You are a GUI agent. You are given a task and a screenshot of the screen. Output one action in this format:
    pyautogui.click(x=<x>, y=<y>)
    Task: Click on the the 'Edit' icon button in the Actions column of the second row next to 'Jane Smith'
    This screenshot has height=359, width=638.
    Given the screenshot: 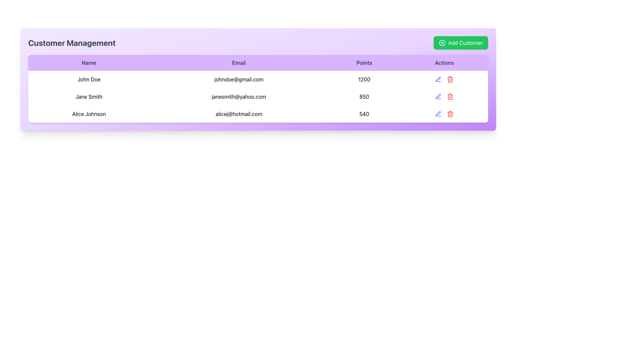 What is the action you would take?
    pyautogui.click(x=438, y=79)
    